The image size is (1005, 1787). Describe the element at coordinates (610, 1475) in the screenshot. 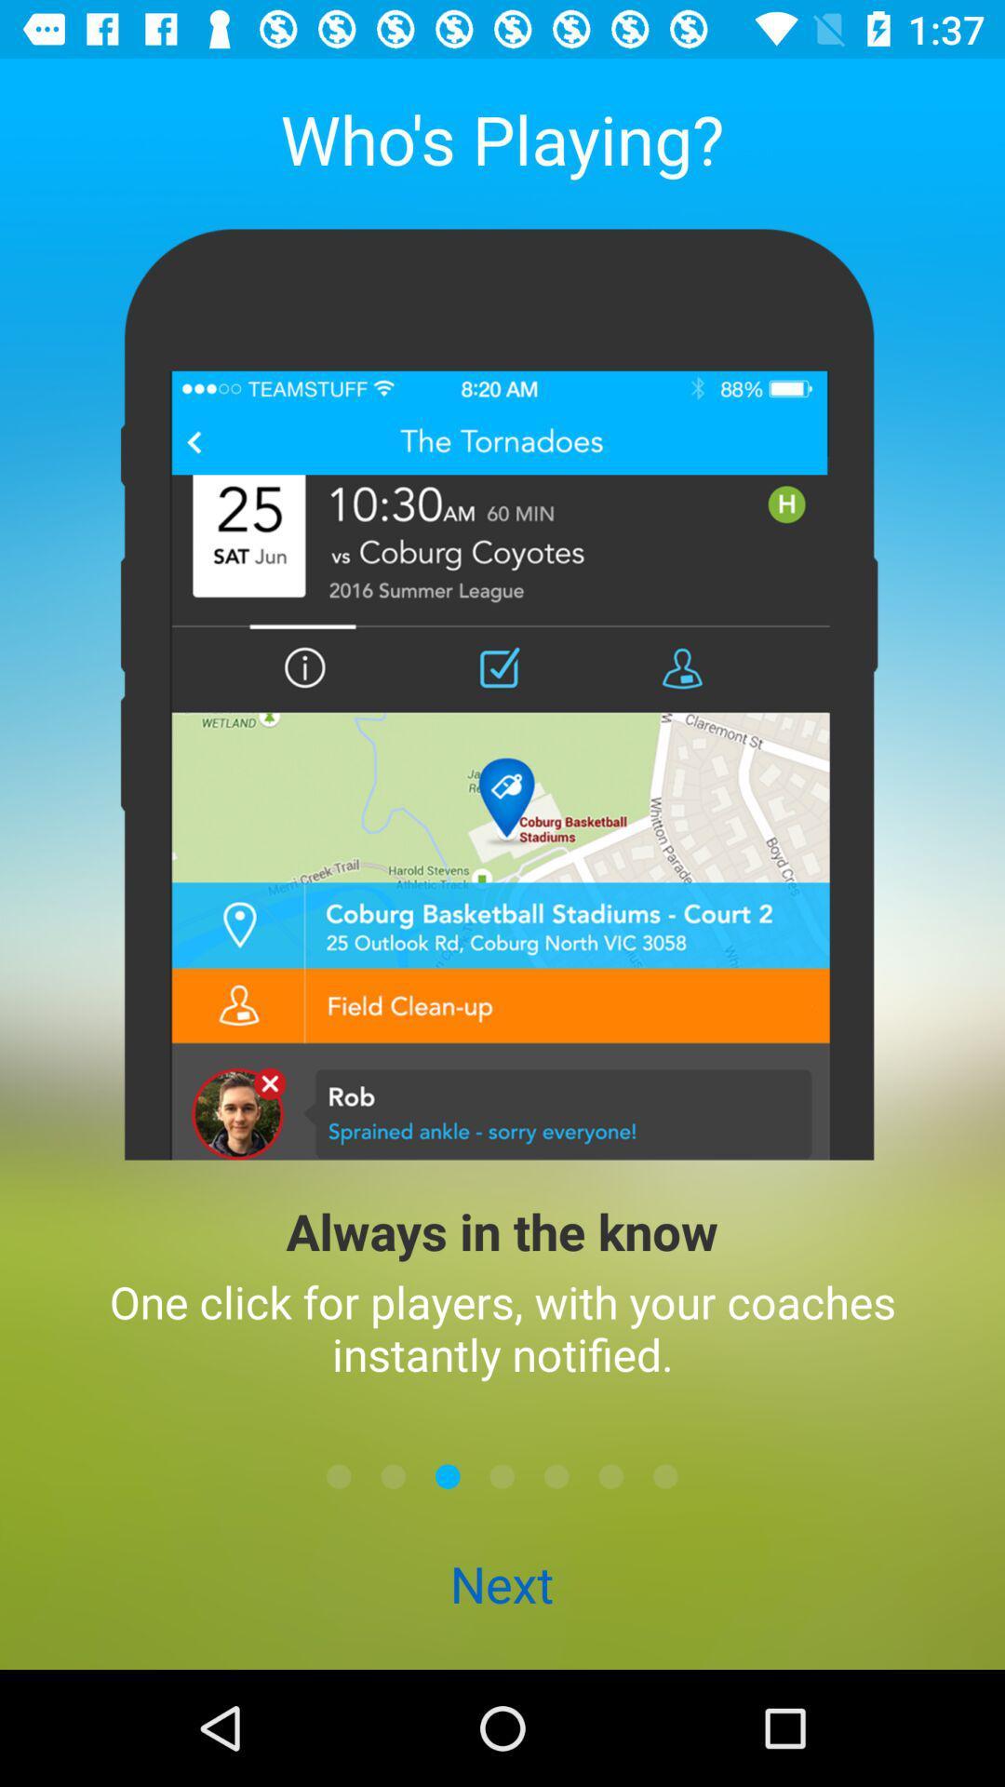

I see `3rd tab over` at that location.